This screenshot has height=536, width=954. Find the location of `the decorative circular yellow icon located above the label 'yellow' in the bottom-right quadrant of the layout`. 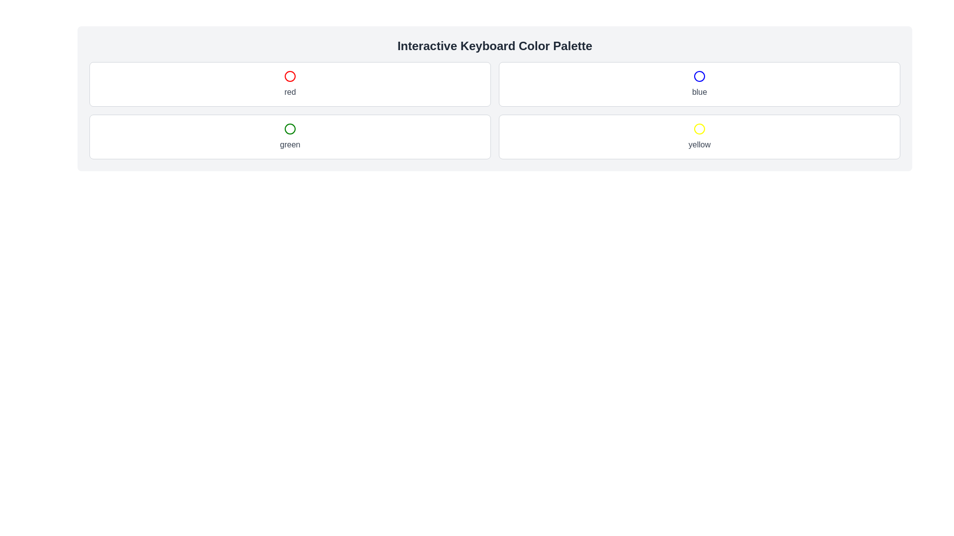

the decorative circular yellow icon located above the label 'yellow' in the bottom-right quadrant of the layout is located at coordinates (699, 128).